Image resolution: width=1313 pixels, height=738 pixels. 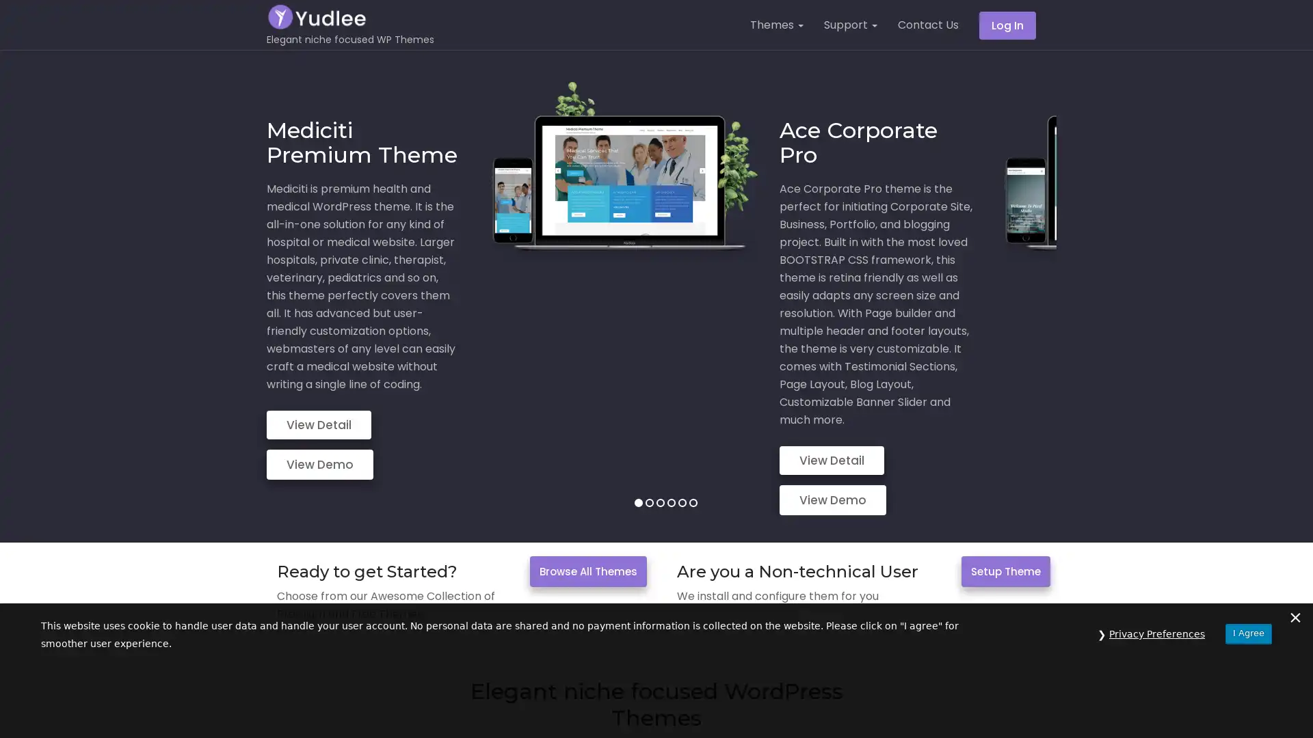 I want to click on 3, so click(x=659, y=407).